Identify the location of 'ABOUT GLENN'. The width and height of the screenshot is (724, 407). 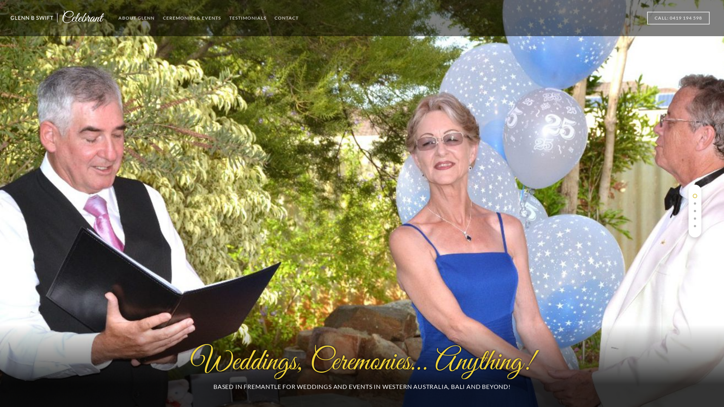
(136, 18).